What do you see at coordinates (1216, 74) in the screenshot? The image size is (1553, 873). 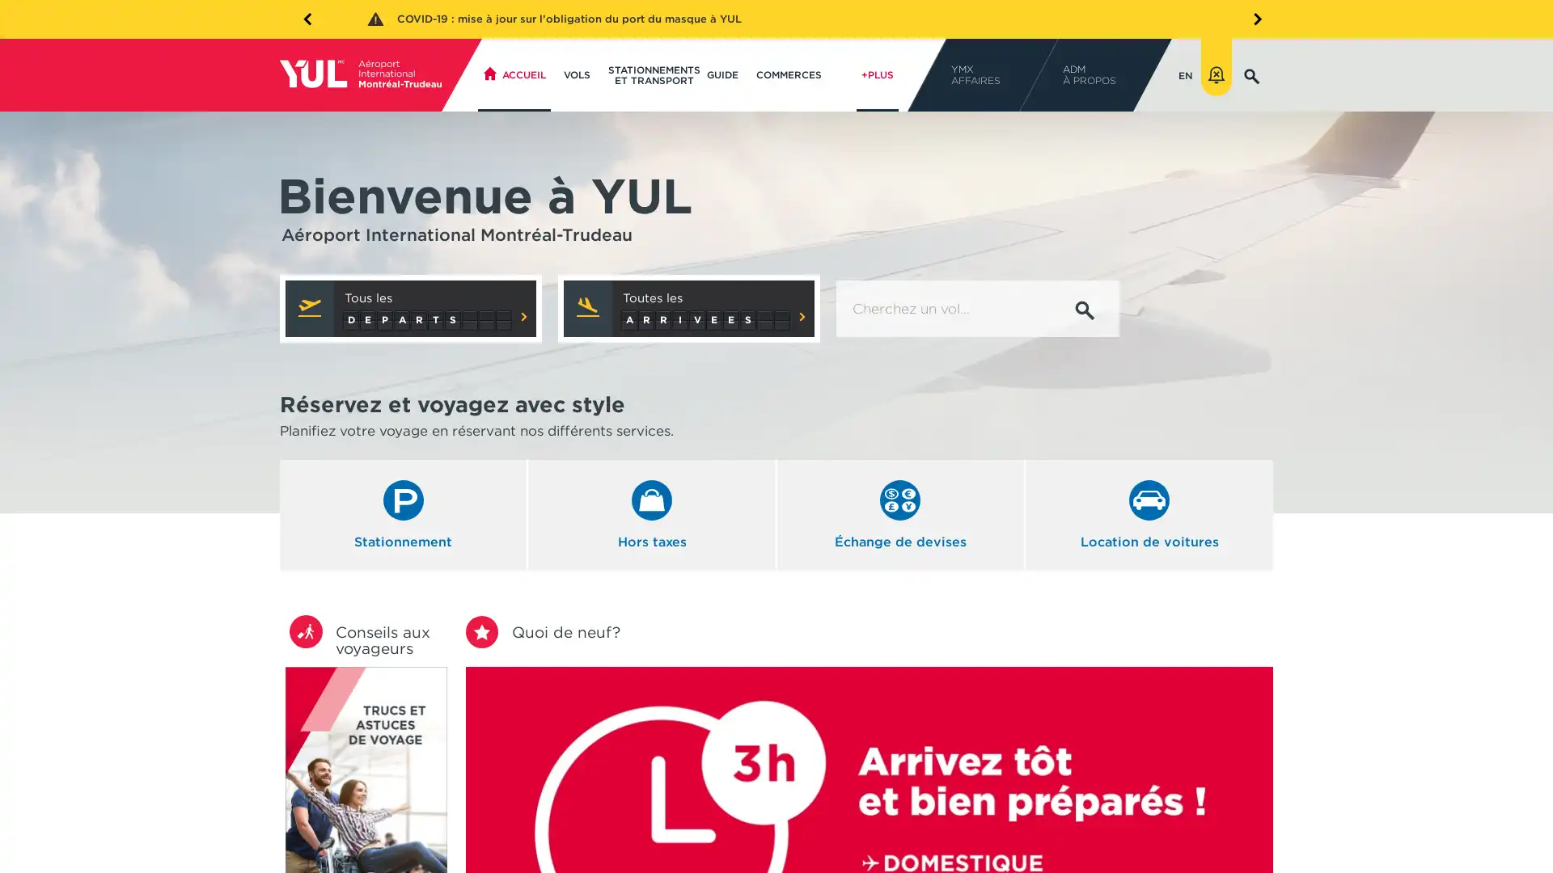 I see `4 alert(s)` at bounding box center [1216, 74].